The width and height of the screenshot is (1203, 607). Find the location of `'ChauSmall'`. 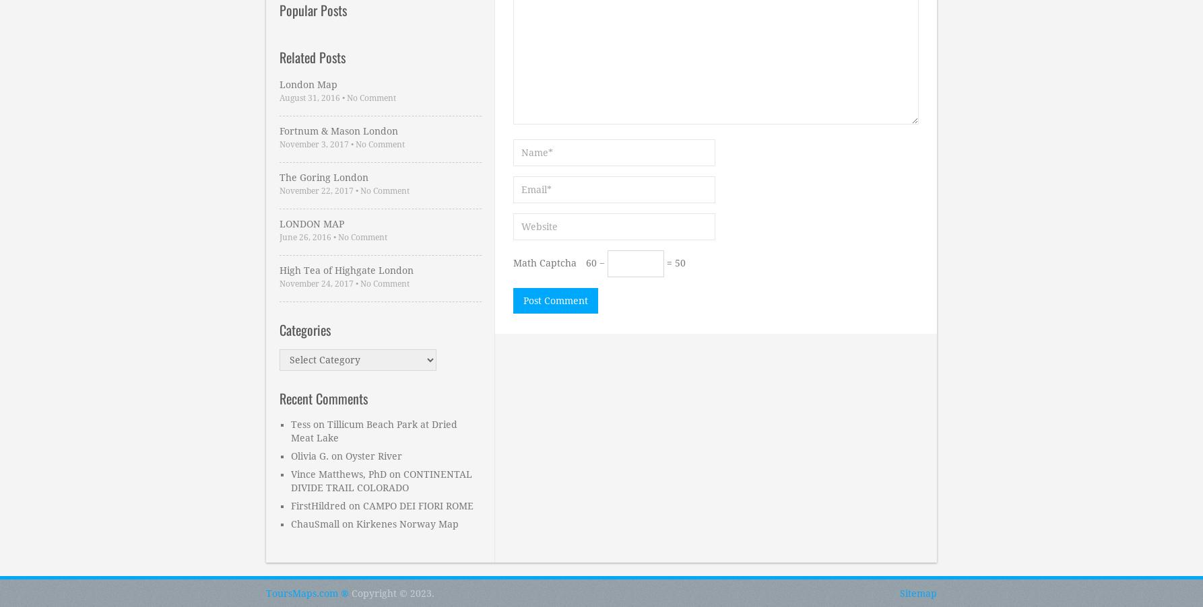

'ChauSmall' is located at coordinates (314, 523).